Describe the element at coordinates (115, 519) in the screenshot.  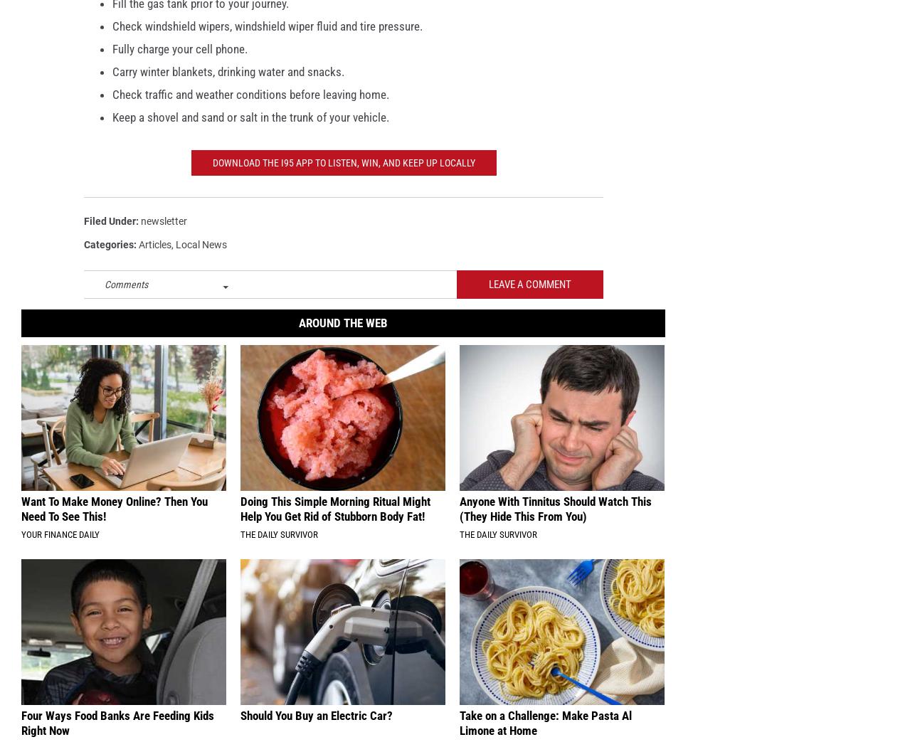
I see `'Want To Make Money Online? Then You Need To See This!'` at that location.